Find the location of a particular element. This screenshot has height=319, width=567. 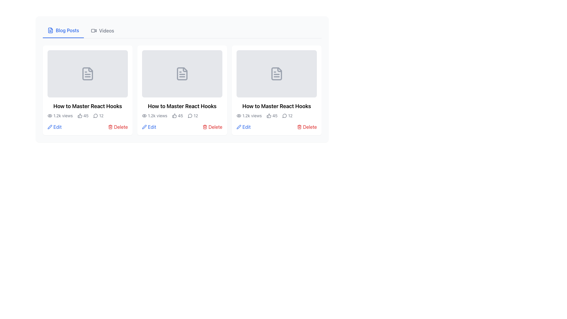

the small blue 'Edit' button with a pen icon located under the 'Blog Posts' section is located at coordinates (54, 126).